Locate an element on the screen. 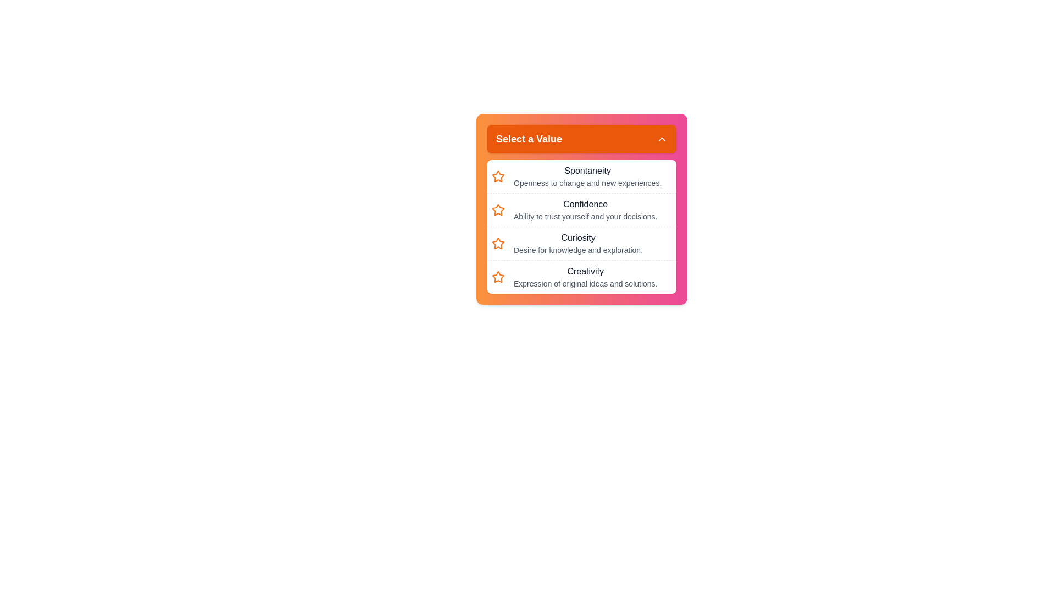 The image size is (1056, 594). label for 'Creativity' located in the dropdown selection panel under 'Select a Value', positioned as the fourth item in the list is located at coordinates (585, 271).